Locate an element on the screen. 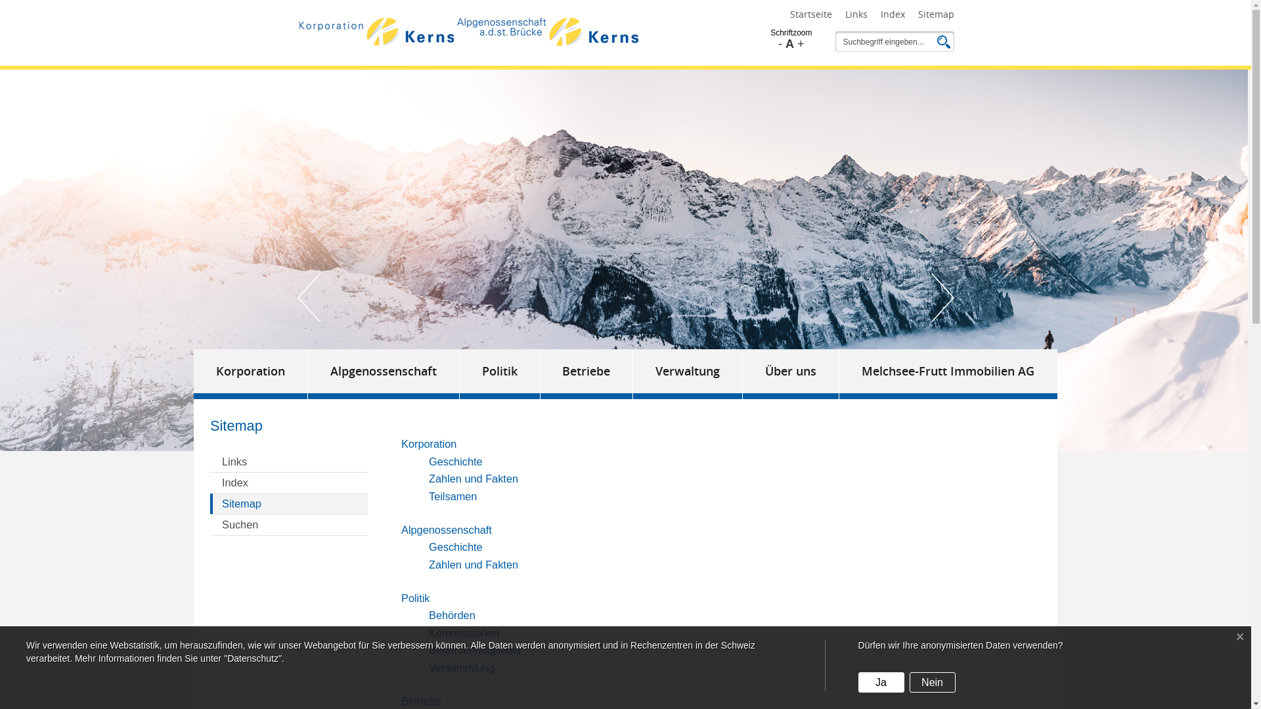  'Geschichte' is located at coordinates (456, 547).